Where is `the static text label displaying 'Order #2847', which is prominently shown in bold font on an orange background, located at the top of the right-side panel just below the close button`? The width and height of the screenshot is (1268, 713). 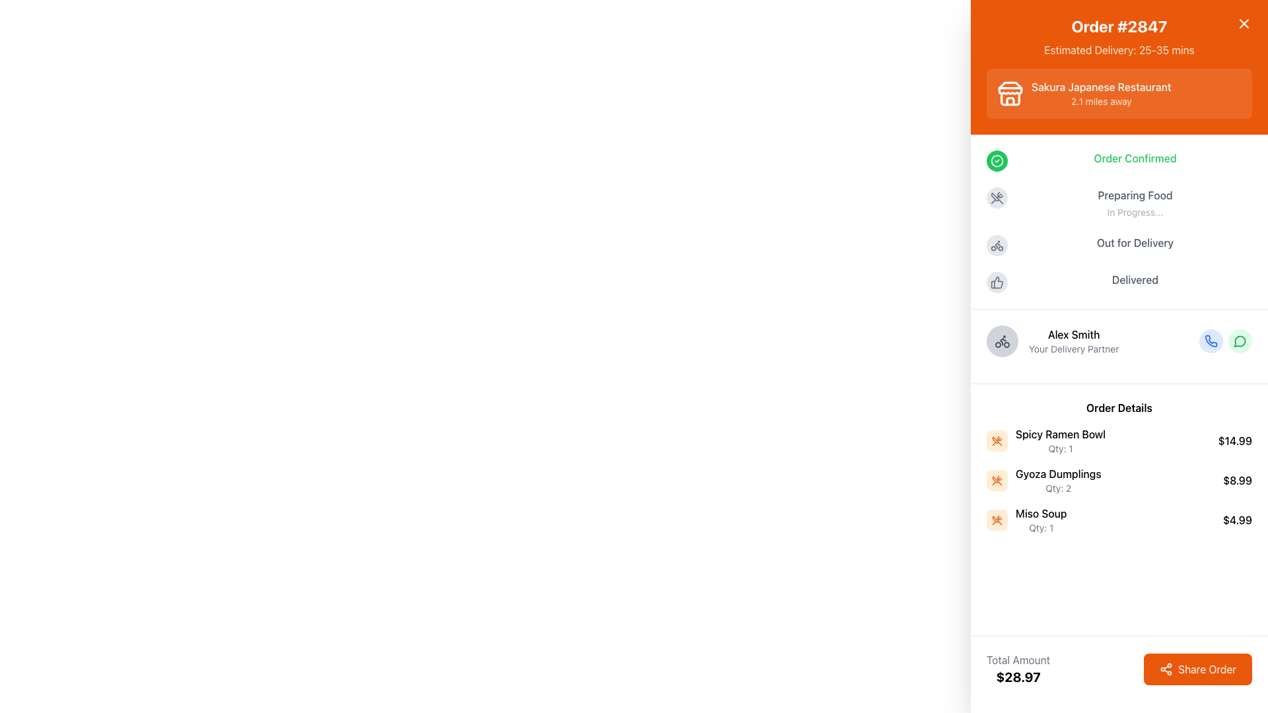
the static text label displaying 'Order #2847', which is prominently shown in bold font on an orange background, located at the top of the right-side panel just below the close button is located at coordinates (1118, 26).